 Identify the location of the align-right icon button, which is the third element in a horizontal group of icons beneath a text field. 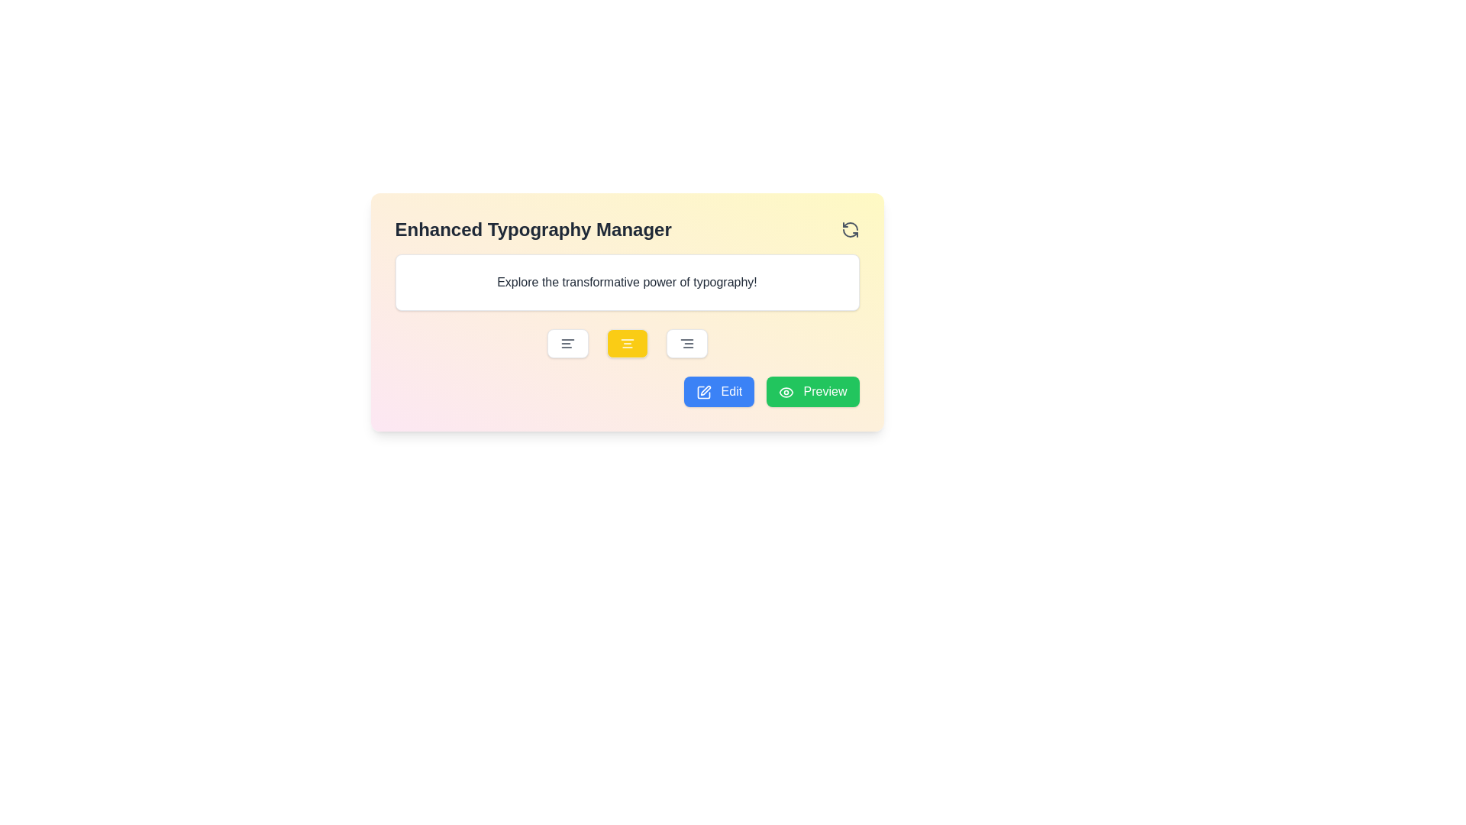
(686, 344).